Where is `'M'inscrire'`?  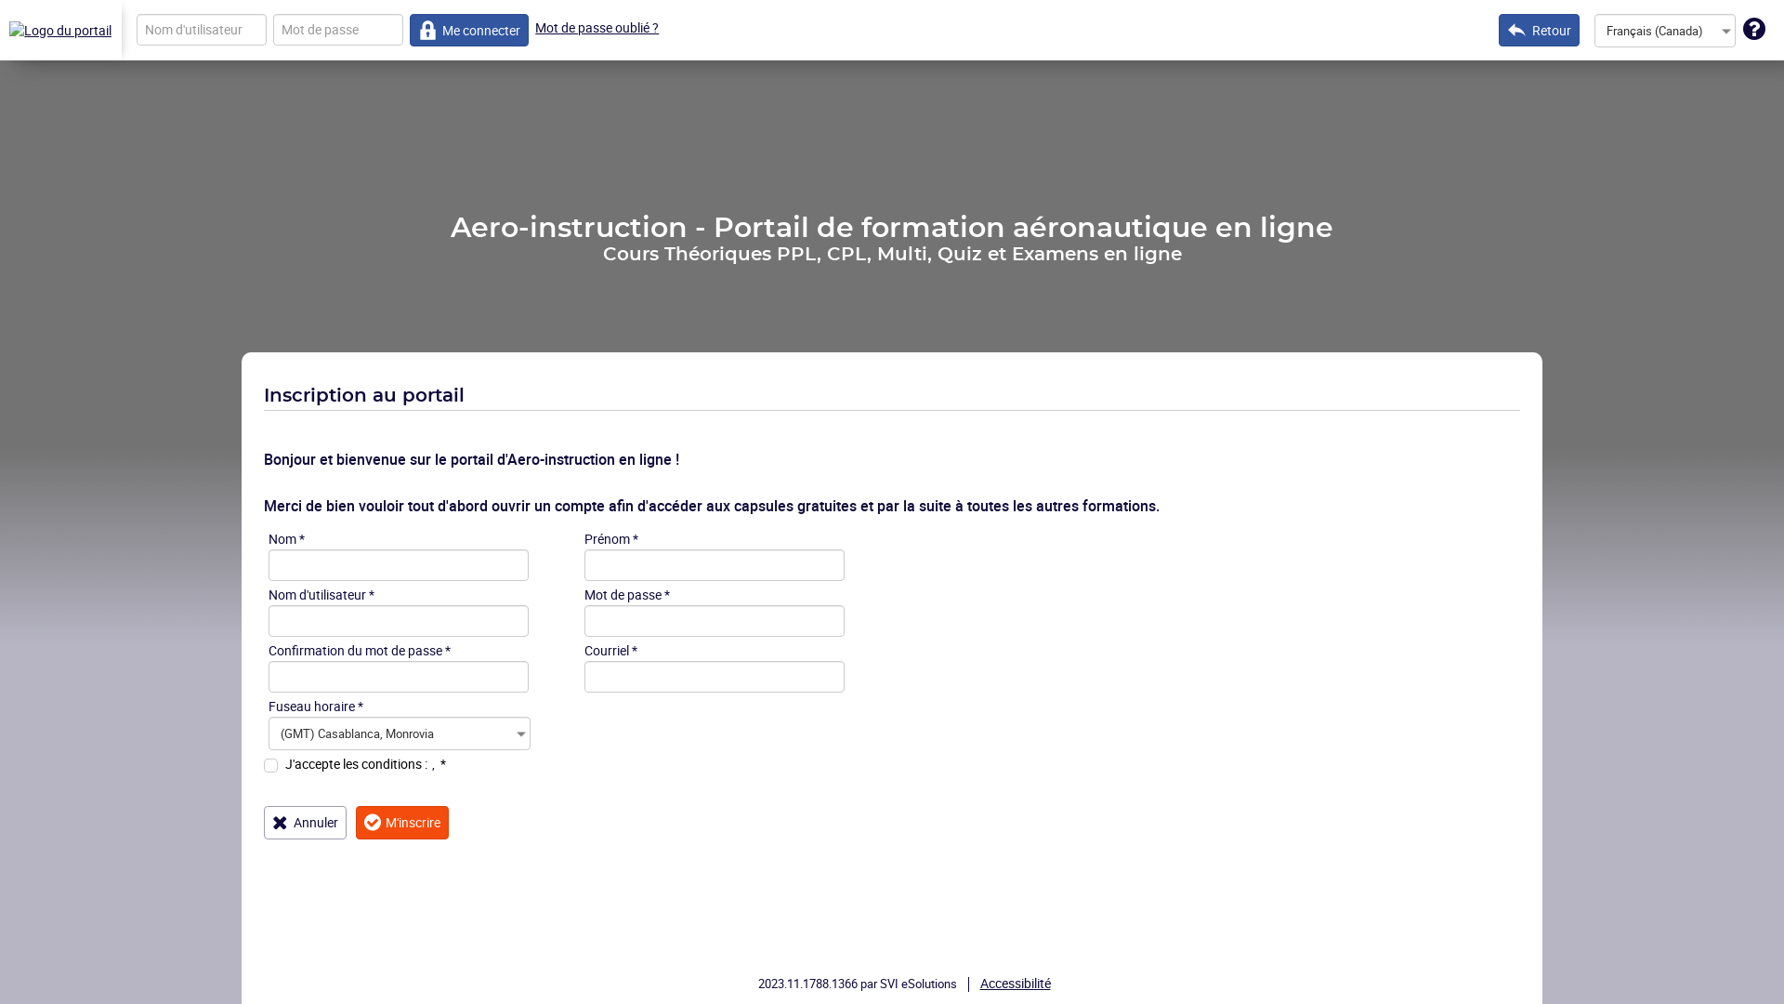
'M'inscrire' is located at coordinates (401, 821).